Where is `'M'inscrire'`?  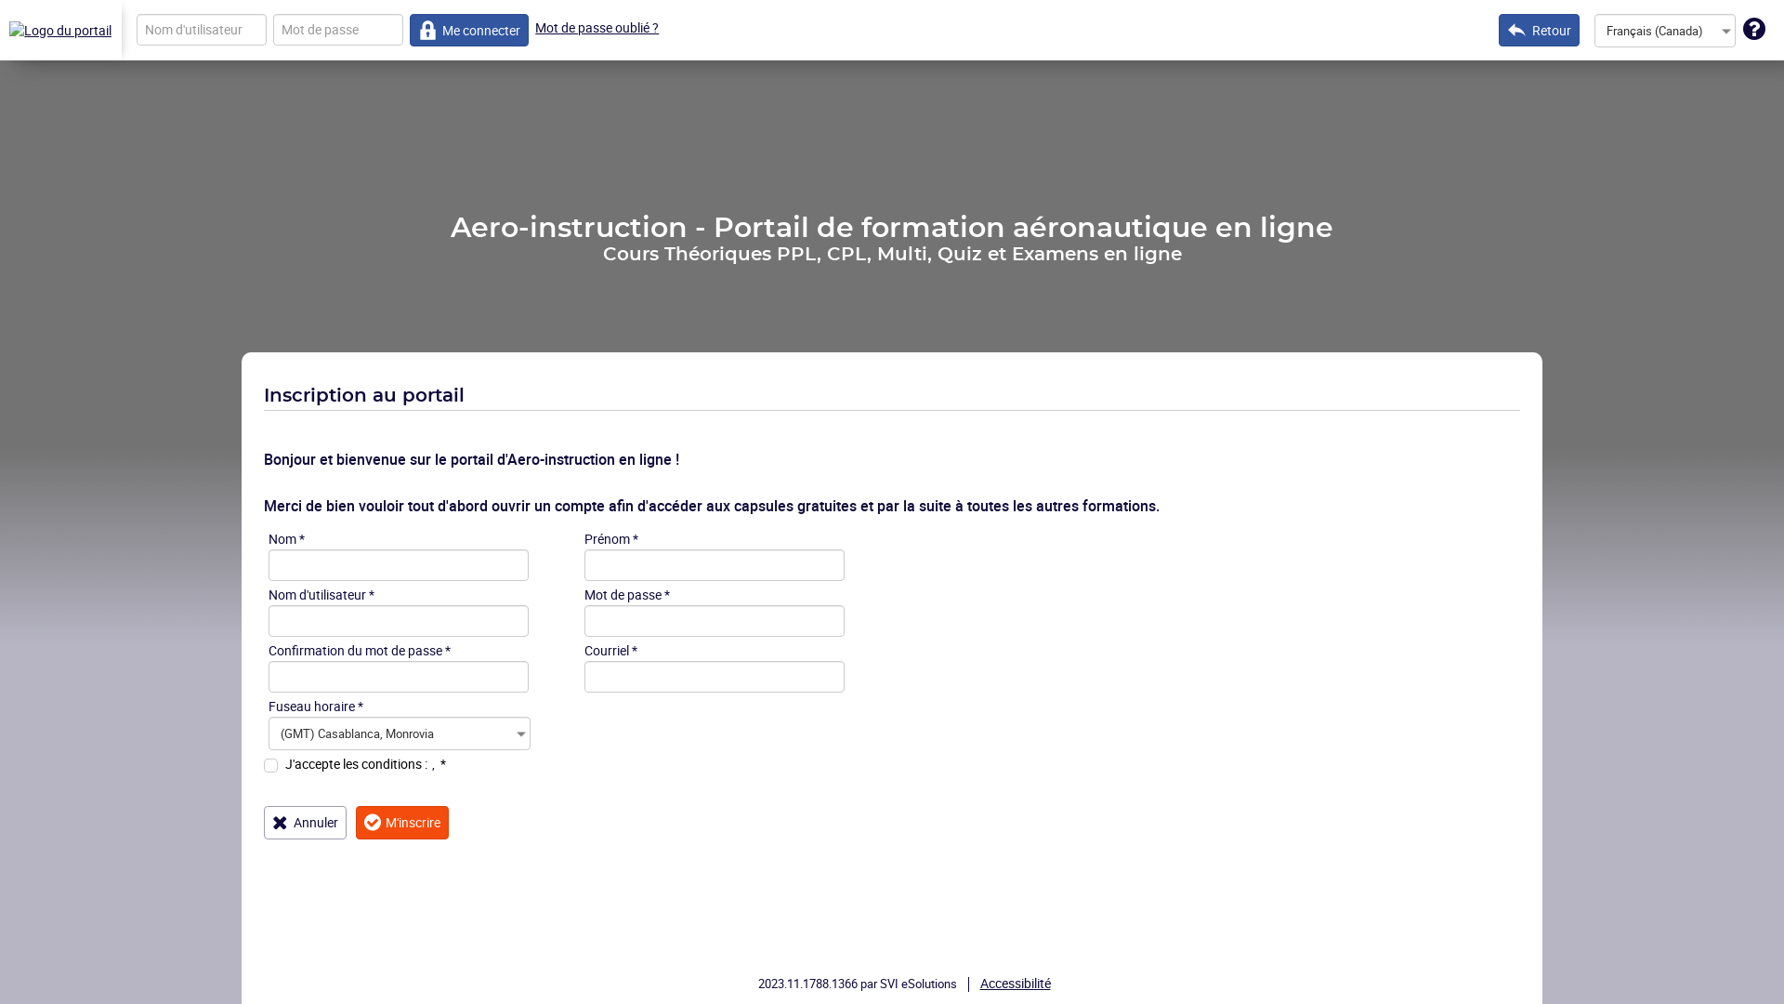
'M'inscrire' is located at coordinates (401, 821).